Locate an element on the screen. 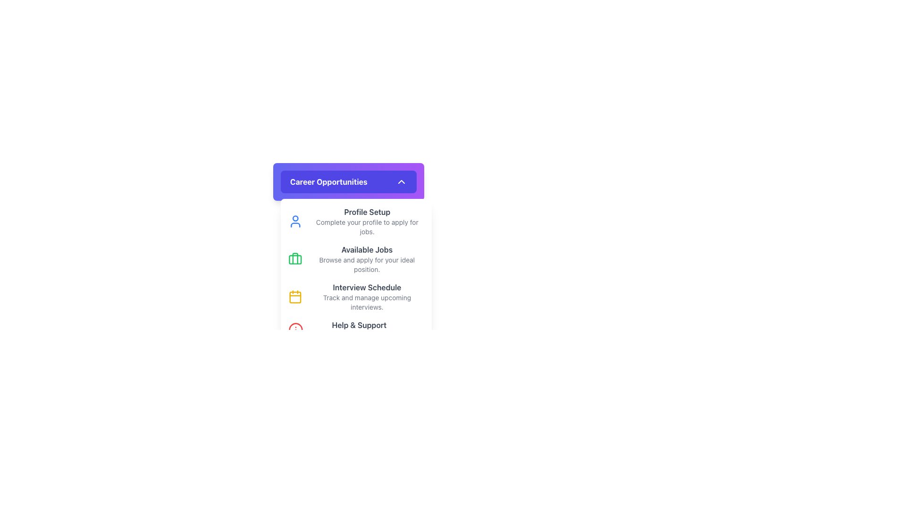  the green briefcase icon with a modern line design located next to the 'Available Jobs' text is located at coordinates (294, 259).